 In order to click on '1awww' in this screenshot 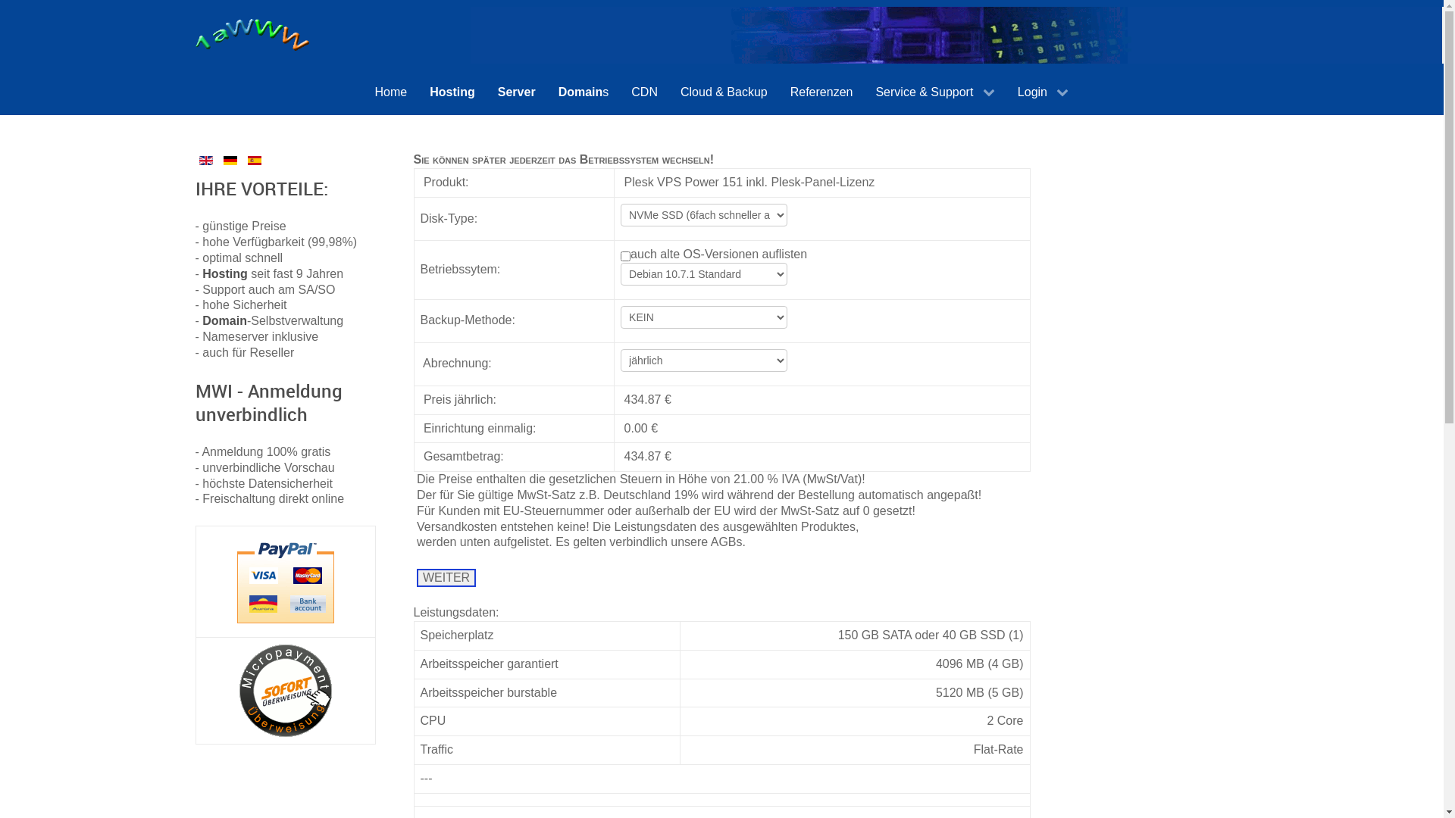, I will do `click(195, 34)`.